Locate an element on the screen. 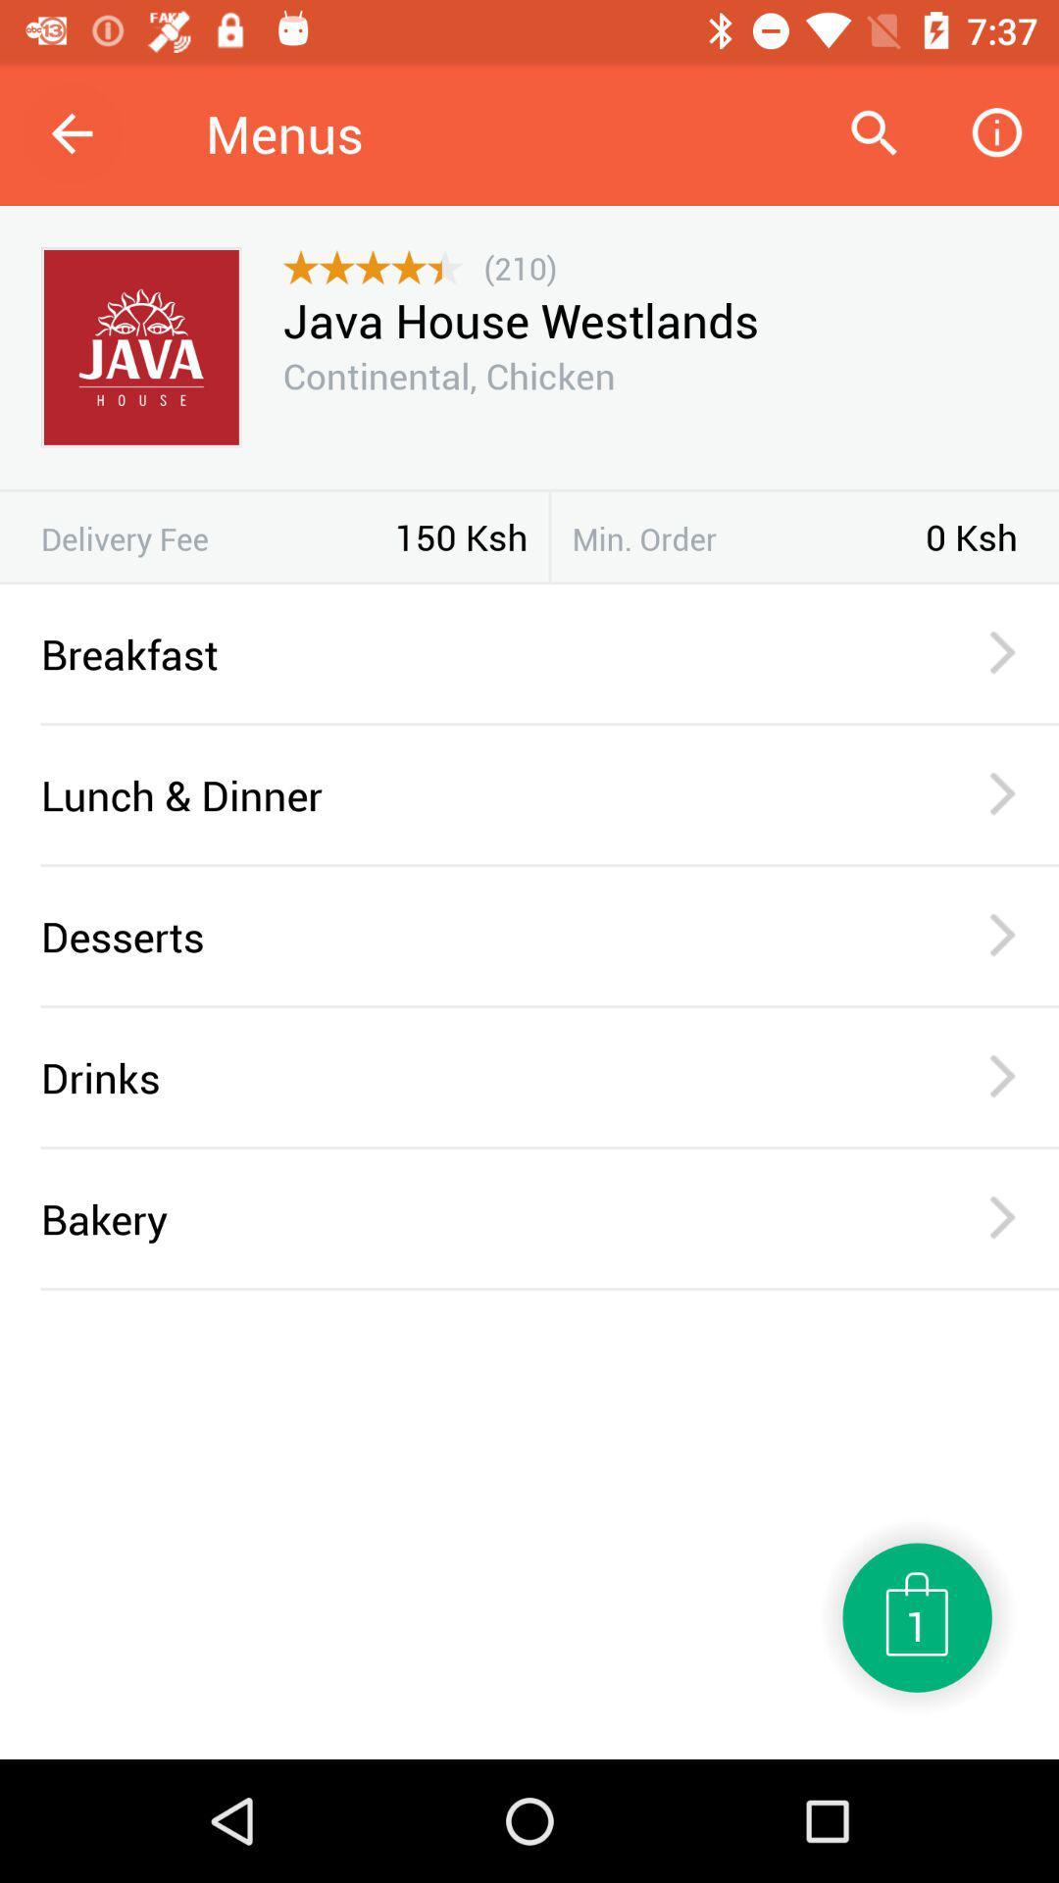 This screenshot has width=1059, height=1883. icon below the drinks icon is located at coordinates (549, 1147).